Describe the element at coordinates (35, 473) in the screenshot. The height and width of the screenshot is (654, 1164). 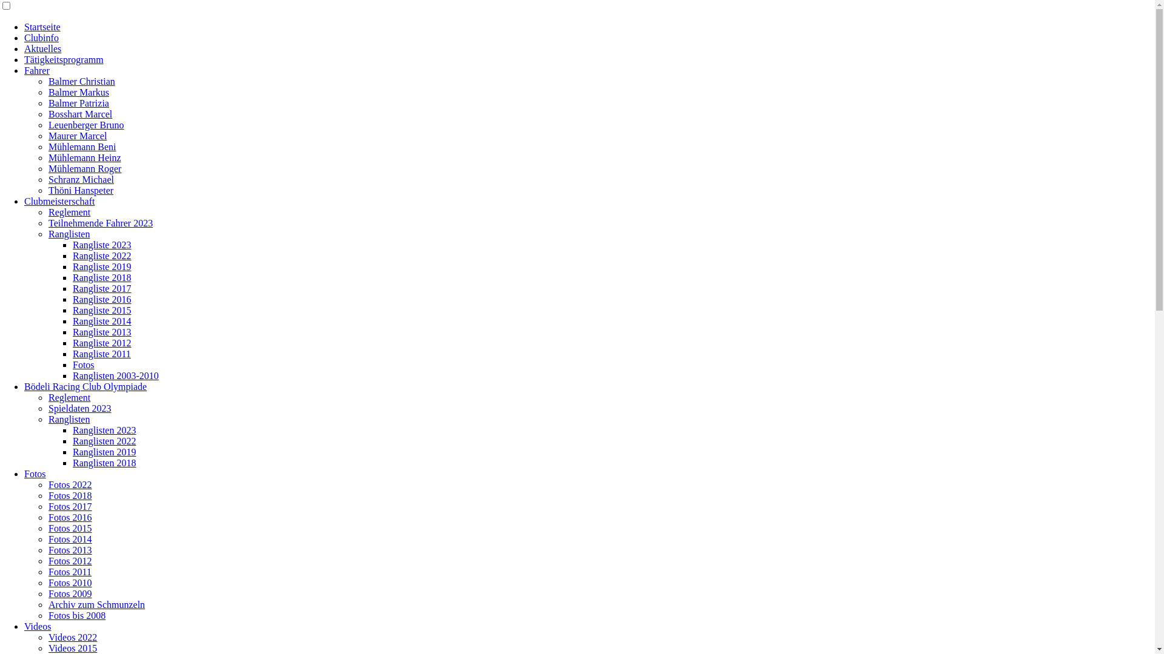
I see `'Fotos'` at that location.